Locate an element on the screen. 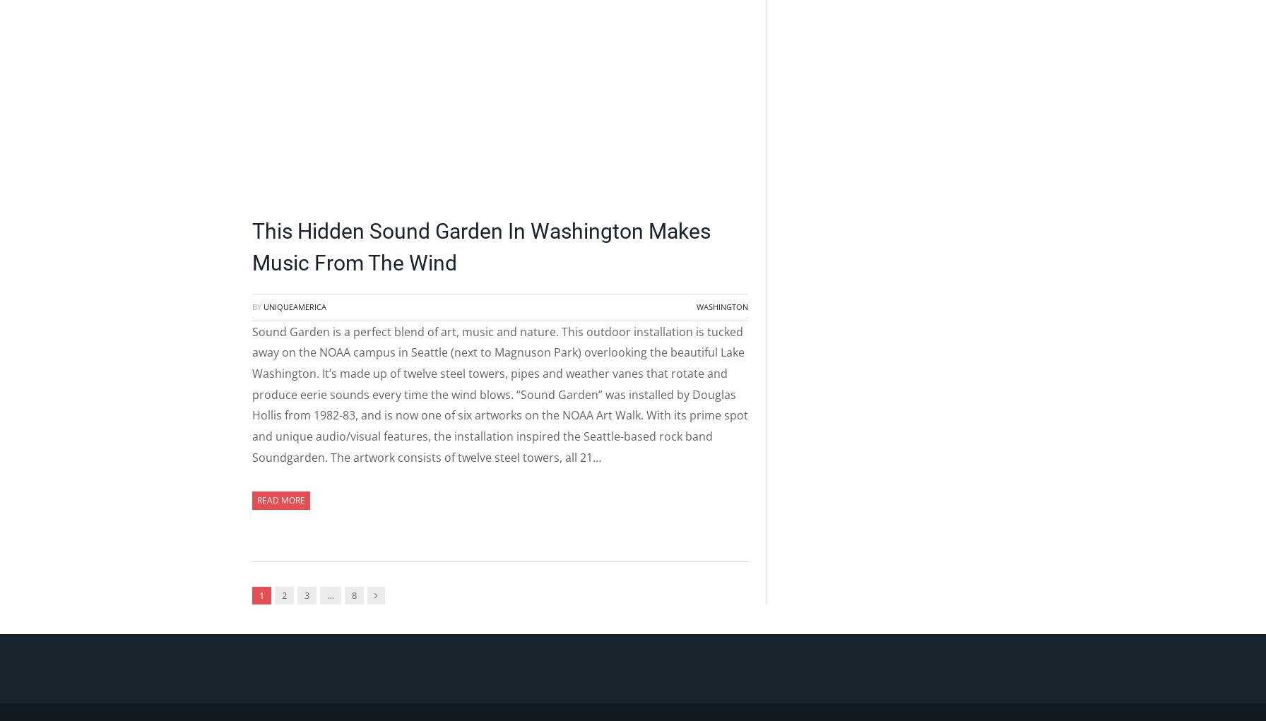  'Read More' is located at coordinates (281, 499).